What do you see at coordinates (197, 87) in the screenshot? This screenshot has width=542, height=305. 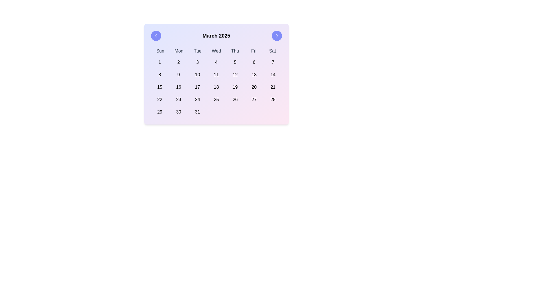 I see `the selectable day '17' button in the calendar interface` at bounding box center [197, 87].